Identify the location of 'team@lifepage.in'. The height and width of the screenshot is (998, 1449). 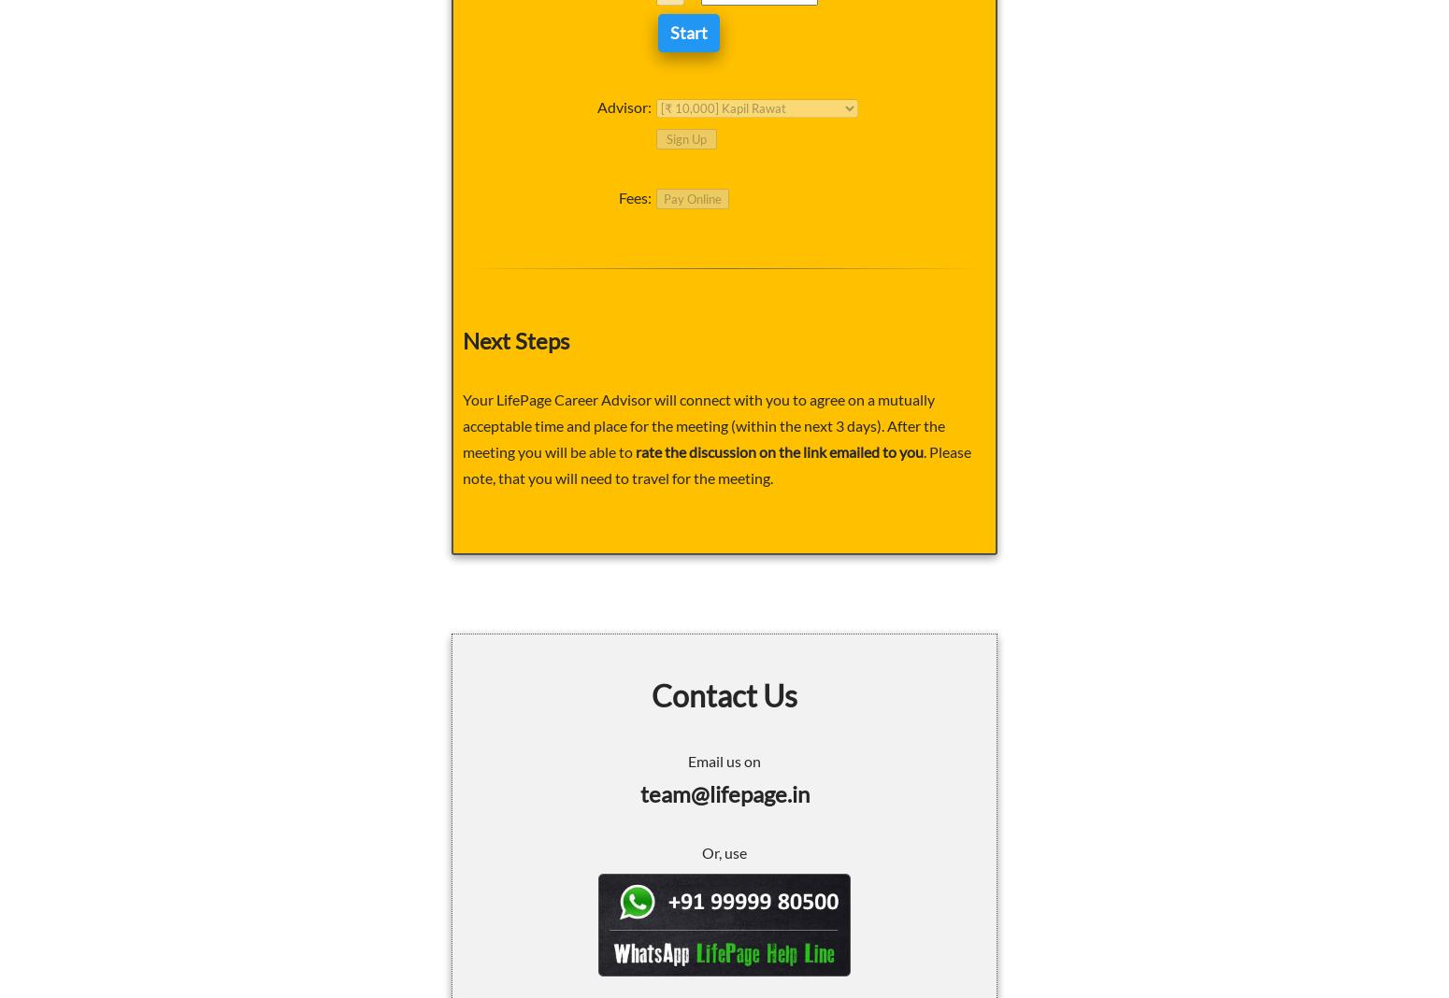
(724, 791).